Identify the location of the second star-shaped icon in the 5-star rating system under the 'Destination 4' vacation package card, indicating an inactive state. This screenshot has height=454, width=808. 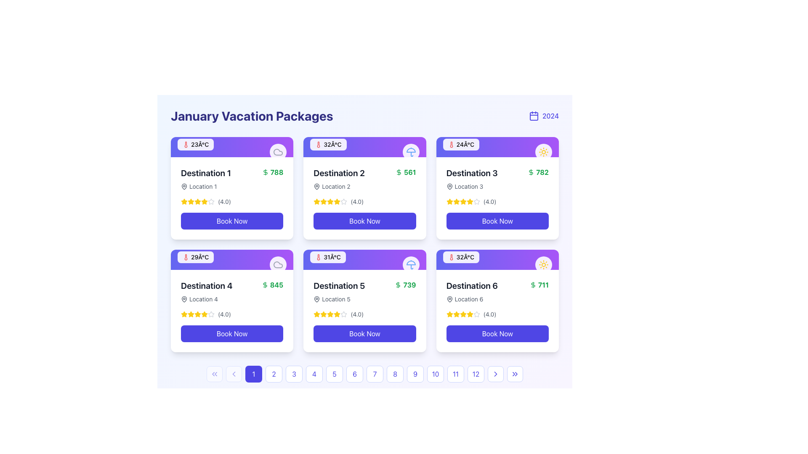
(211, 314).